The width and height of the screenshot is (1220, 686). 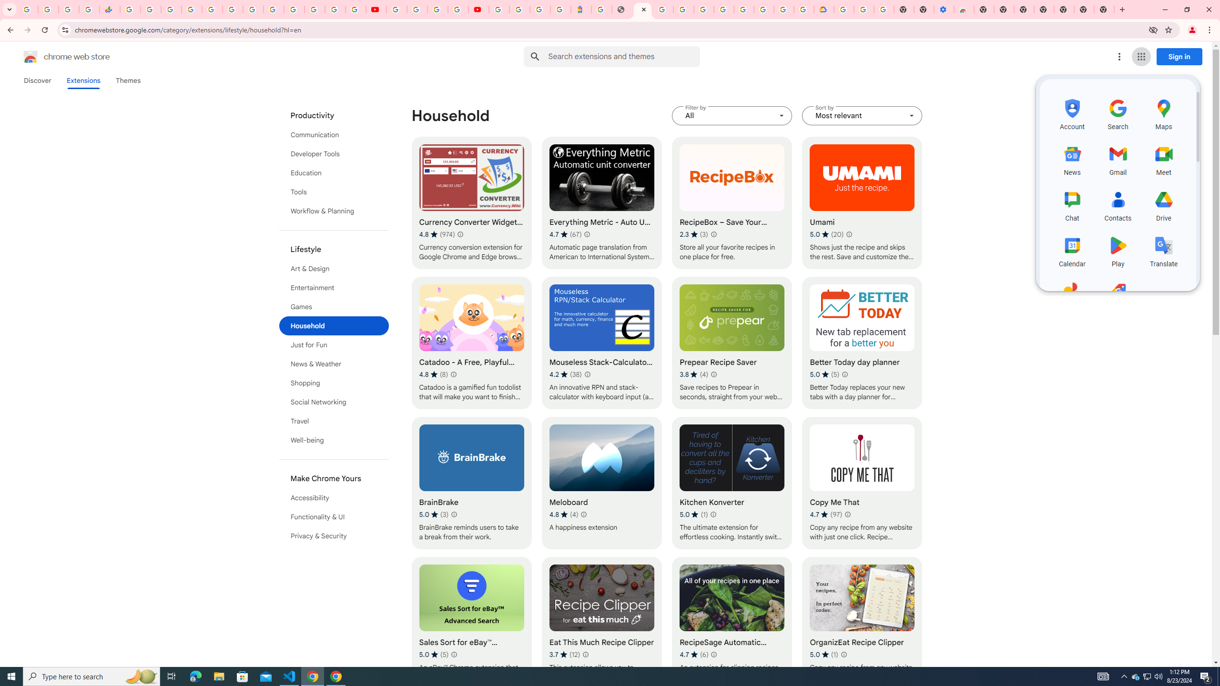 What do you see at coordinates (191, 9) in the screenshot?
I see `'Sign in - Google Accounts'` at bounding box center [191, 9].